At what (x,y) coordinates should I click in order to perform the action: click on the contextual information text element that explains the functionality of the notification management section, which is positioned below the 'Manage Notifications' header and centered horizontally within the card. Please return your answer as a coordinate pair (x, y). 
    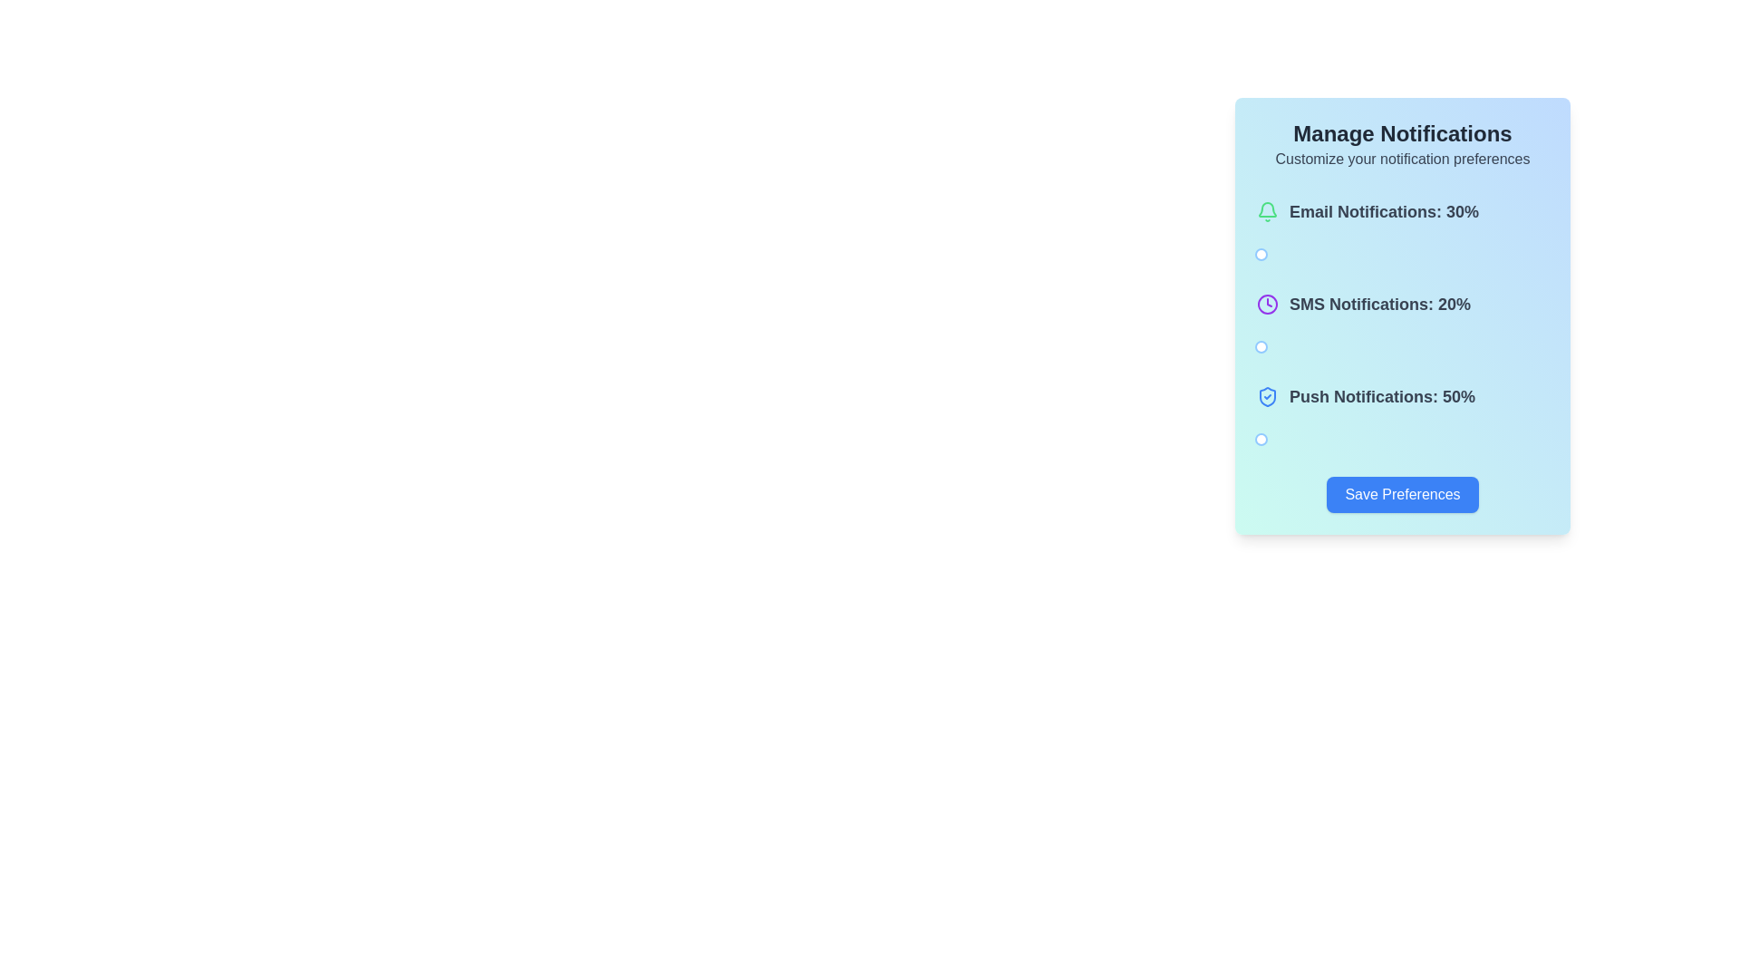
    Looking at the image, I should click on (1402, 159).